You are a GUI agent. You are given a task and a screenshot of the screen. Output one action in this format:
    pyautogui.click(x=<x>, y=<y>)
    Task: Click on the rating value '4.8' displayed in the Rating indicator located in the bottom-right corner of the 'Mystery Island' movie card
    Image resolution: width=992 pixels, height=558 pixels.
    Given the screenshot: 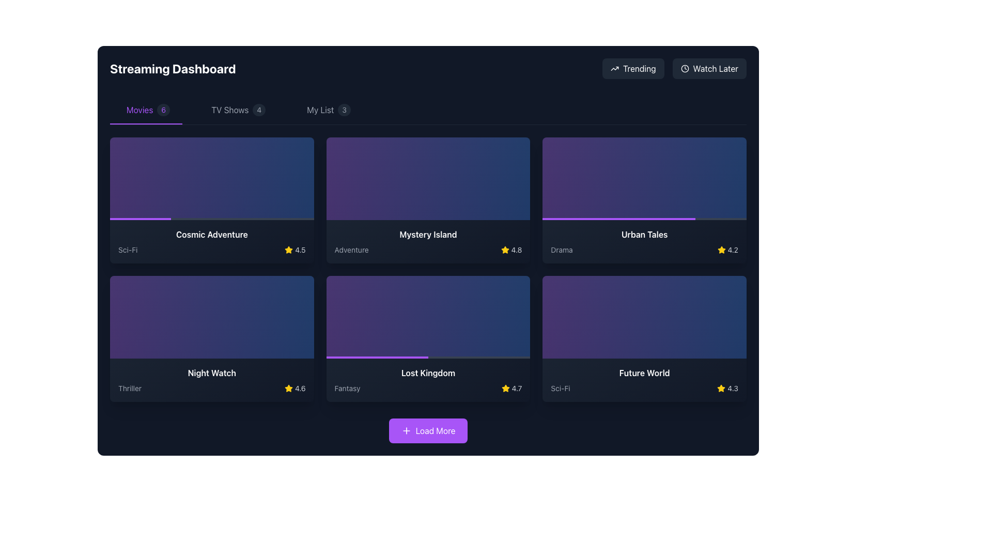 What is the action you would take?
    pyautogui.click(x=511, y=250)
    